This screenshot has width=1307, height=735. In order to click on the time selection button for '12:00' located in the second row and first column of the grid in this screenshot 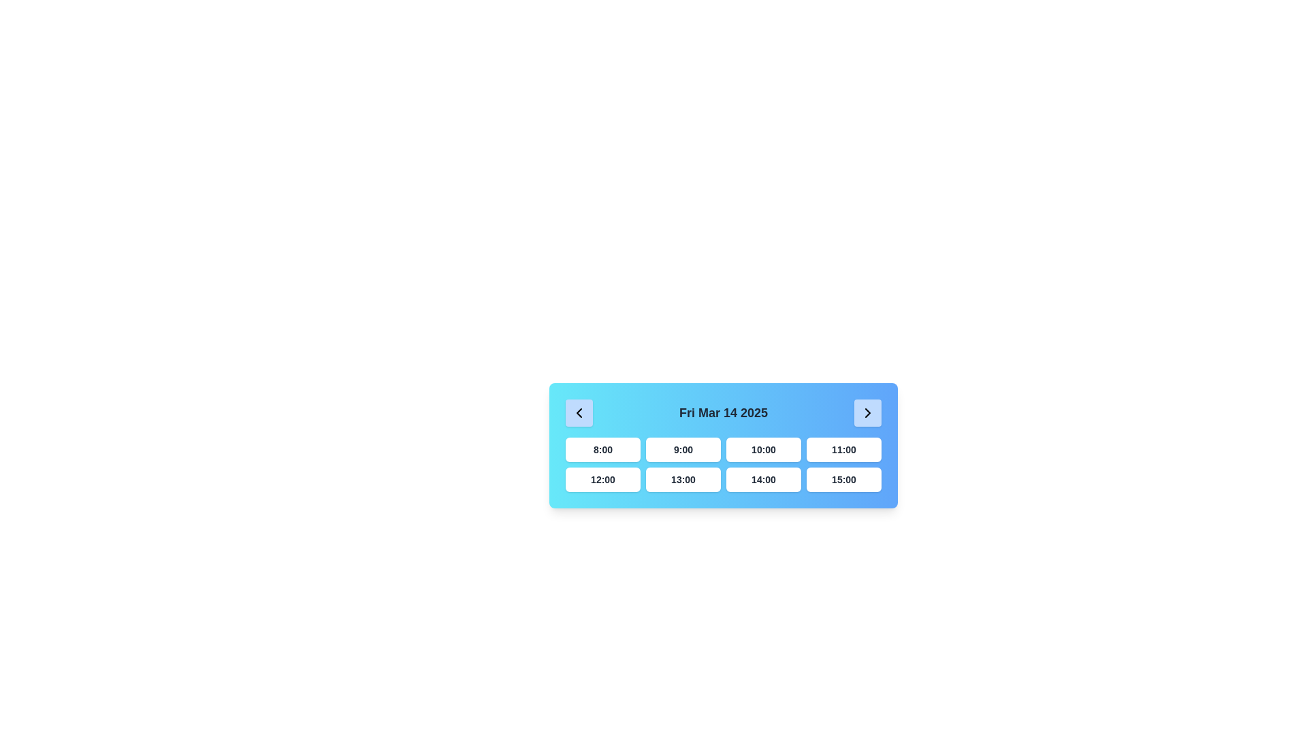, I will do `click(602, 479)`.